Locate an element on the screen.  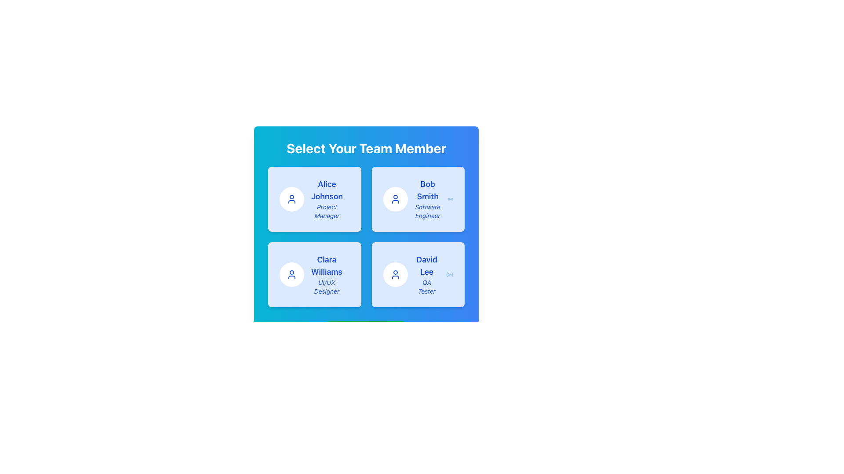
the user icon representing 'Bob Smith' located in the second card from the top-left in a grid layout, positioned to the left of the text content is located at coordinates (395, 199).